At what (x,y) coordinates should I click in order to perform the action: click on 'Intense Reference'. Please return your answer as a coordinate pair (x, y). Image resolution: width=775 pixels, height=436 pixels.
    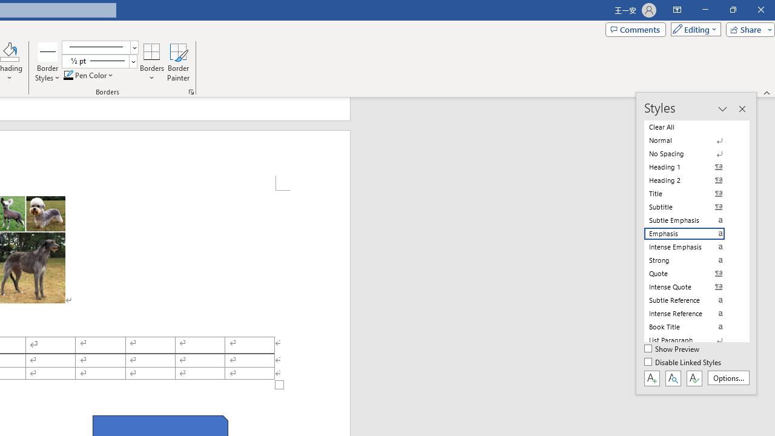
    Looking at the image, I should click on (691, 313).